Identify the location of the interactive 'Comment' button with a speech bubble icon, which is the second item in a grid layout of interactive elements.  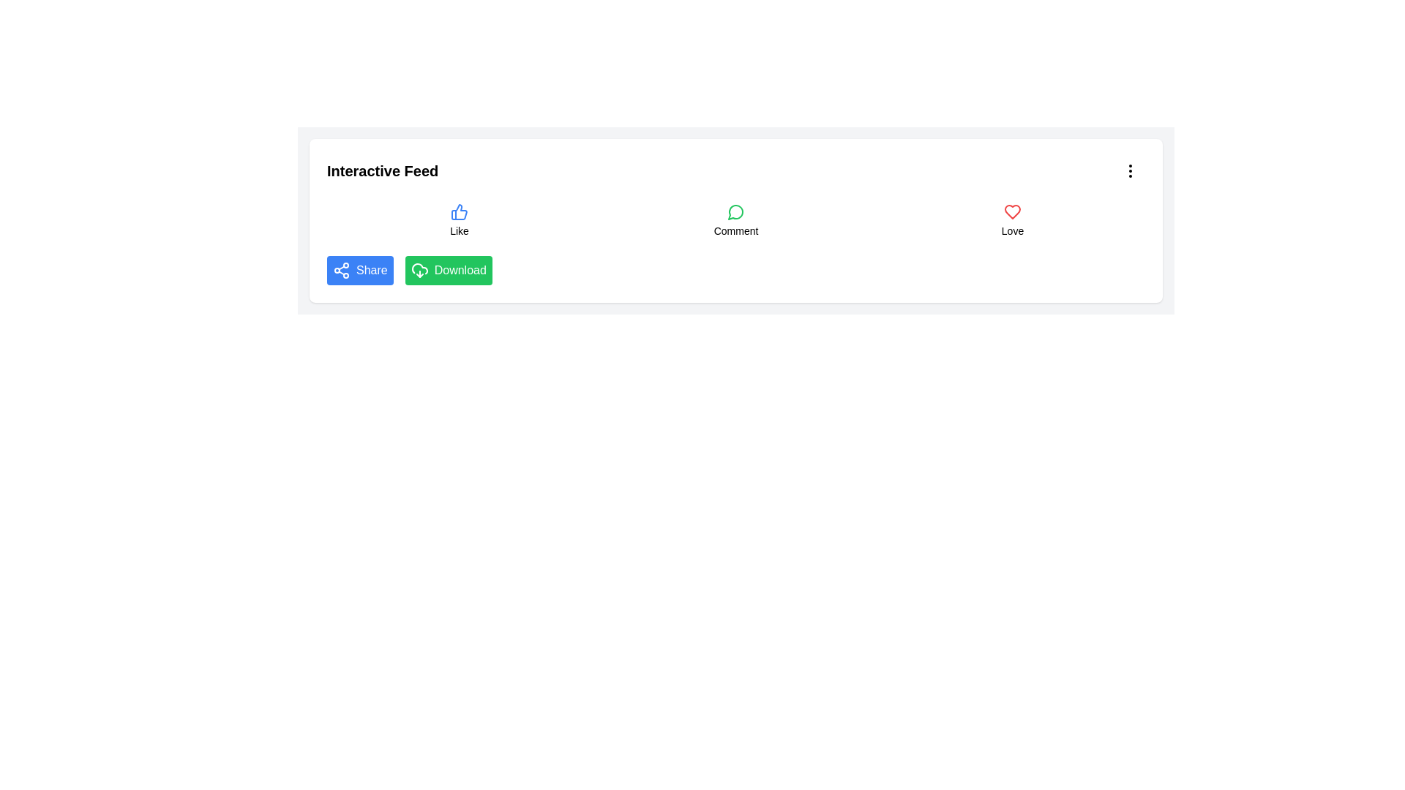
(736, 220).